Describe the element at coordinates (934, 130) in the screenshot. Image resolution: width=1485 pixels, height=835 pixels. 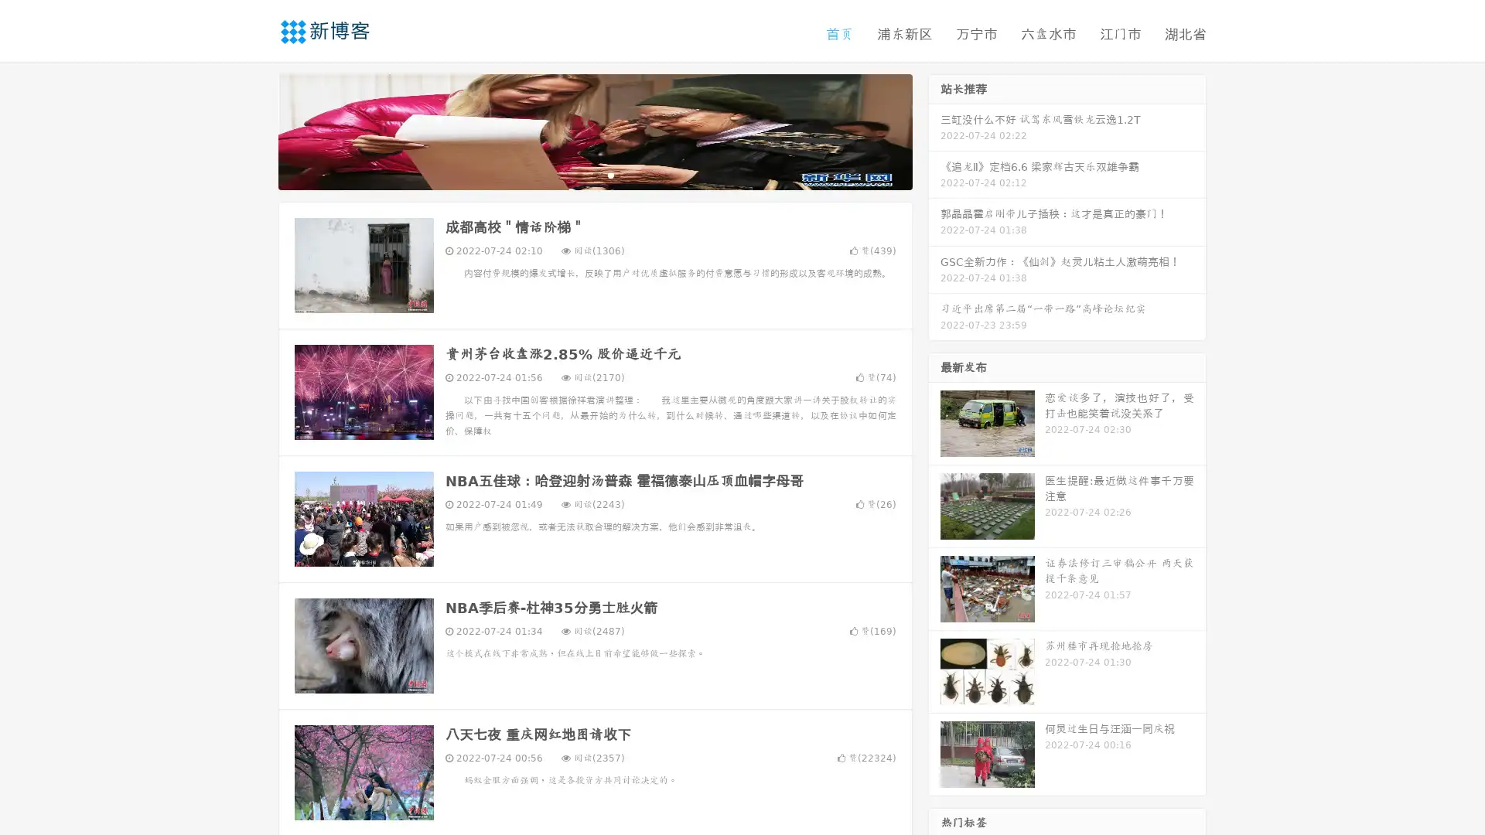
I see `Next slide` at that location.